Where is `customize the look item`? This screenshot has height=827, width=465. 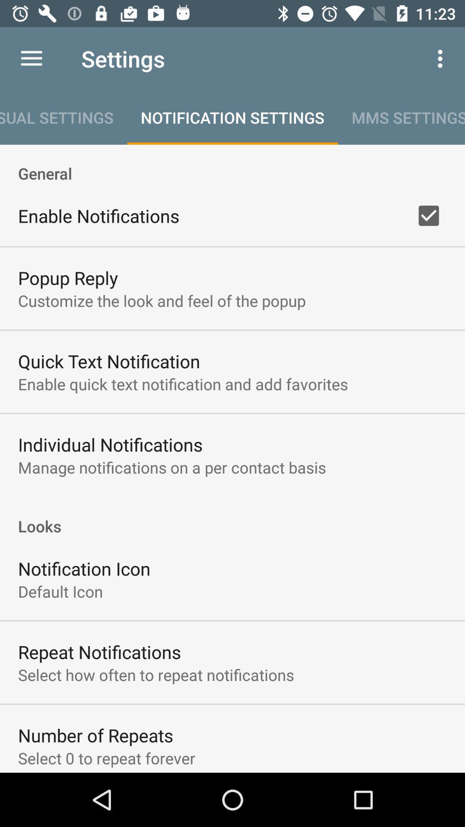 customize the look item is located at coordinates (162, 301).